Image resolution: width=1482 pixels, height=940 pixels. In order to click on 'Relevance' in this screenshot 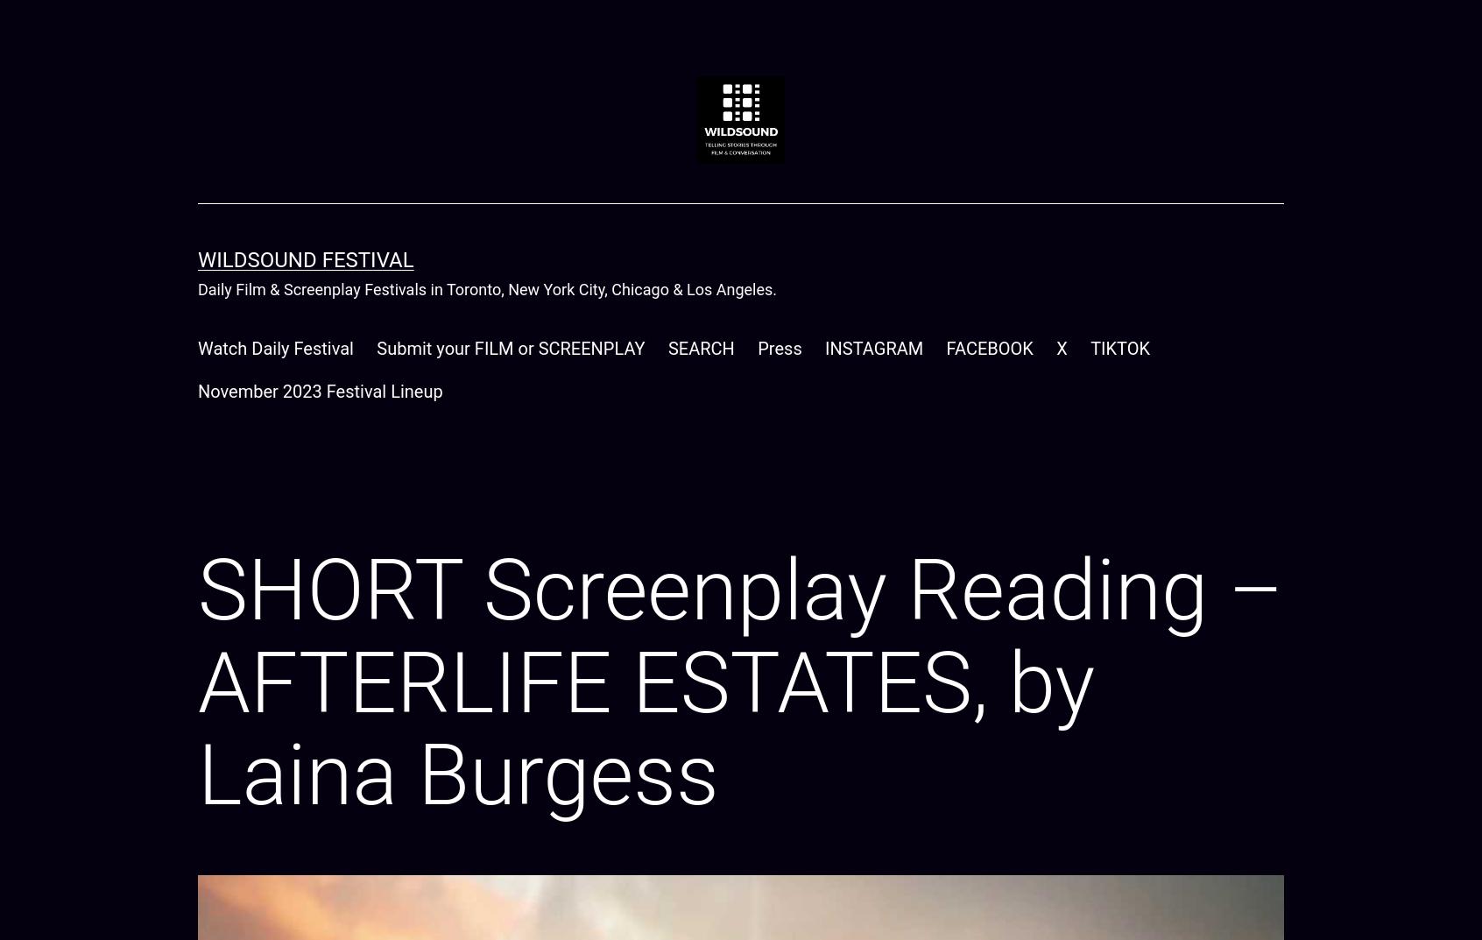, I will do `click(961, 117)`.